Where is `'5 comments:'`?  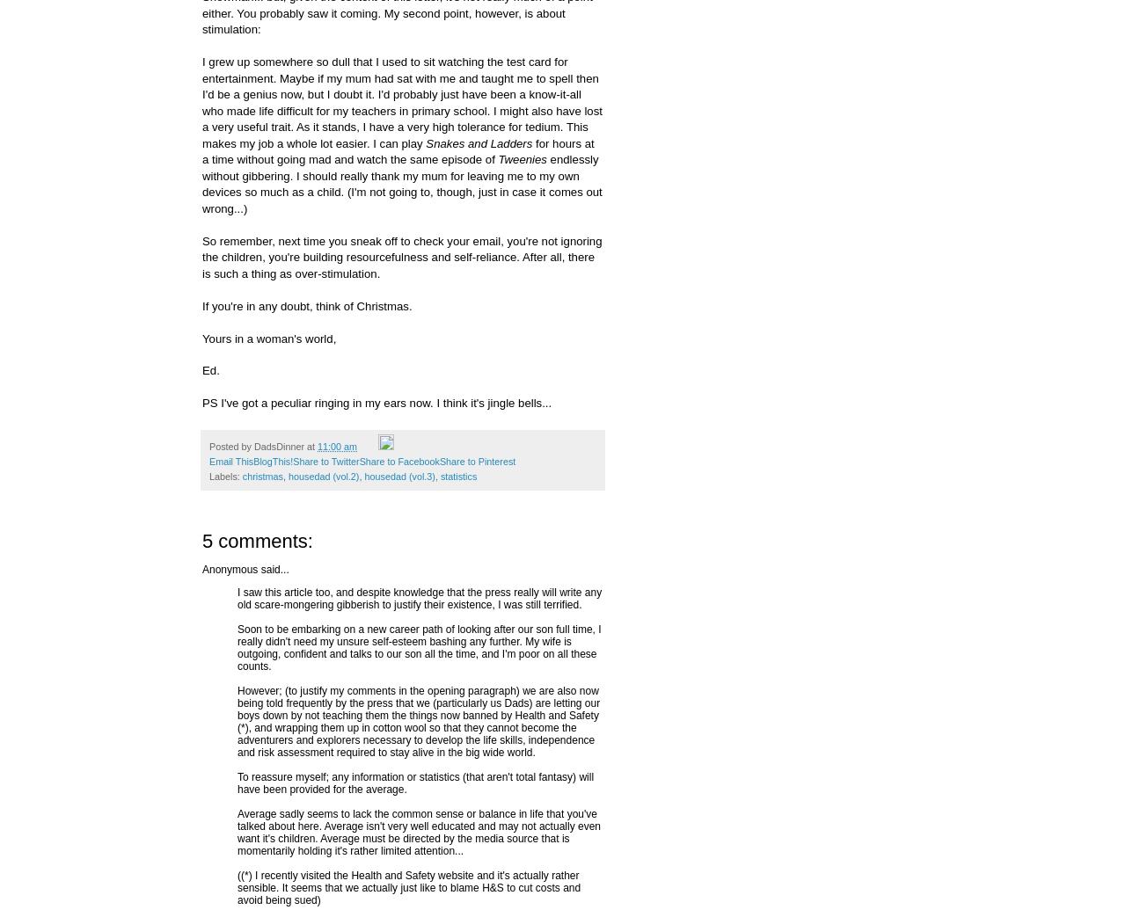
'5 comments:' is located at coordinates (257, 539).